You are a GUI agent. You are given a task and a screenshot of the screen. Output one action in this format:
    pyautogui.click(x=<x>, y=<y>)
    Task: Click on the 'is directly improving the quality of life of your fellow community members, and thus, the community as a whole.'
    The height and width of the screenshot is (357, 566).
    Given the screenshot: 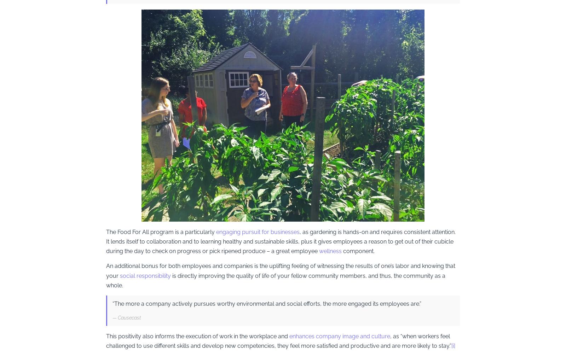 What is the action you would take?
    pyautogui.click(x=106, y=280)
    